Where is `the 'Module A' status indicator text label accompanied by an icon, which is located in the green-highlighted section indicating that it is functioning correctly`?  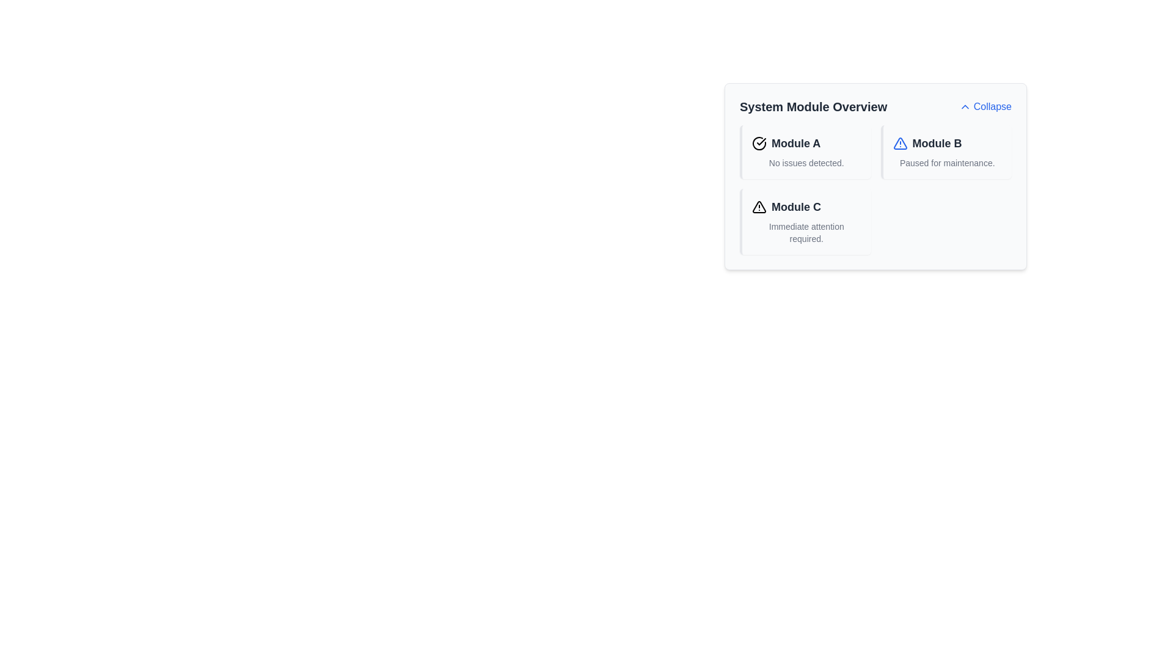 the 'Module A' status indicator text label accompanied by an icon, which is located in the green-highlighted section indicating that it is functioning correctly is located at coordinates (806, 143).